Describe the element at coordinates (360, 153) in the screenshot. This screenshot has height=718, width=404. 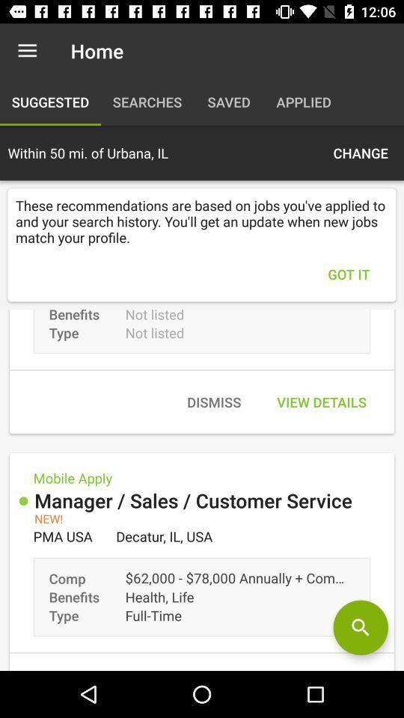
I see `icon above the these recommendations are icon` at that location.